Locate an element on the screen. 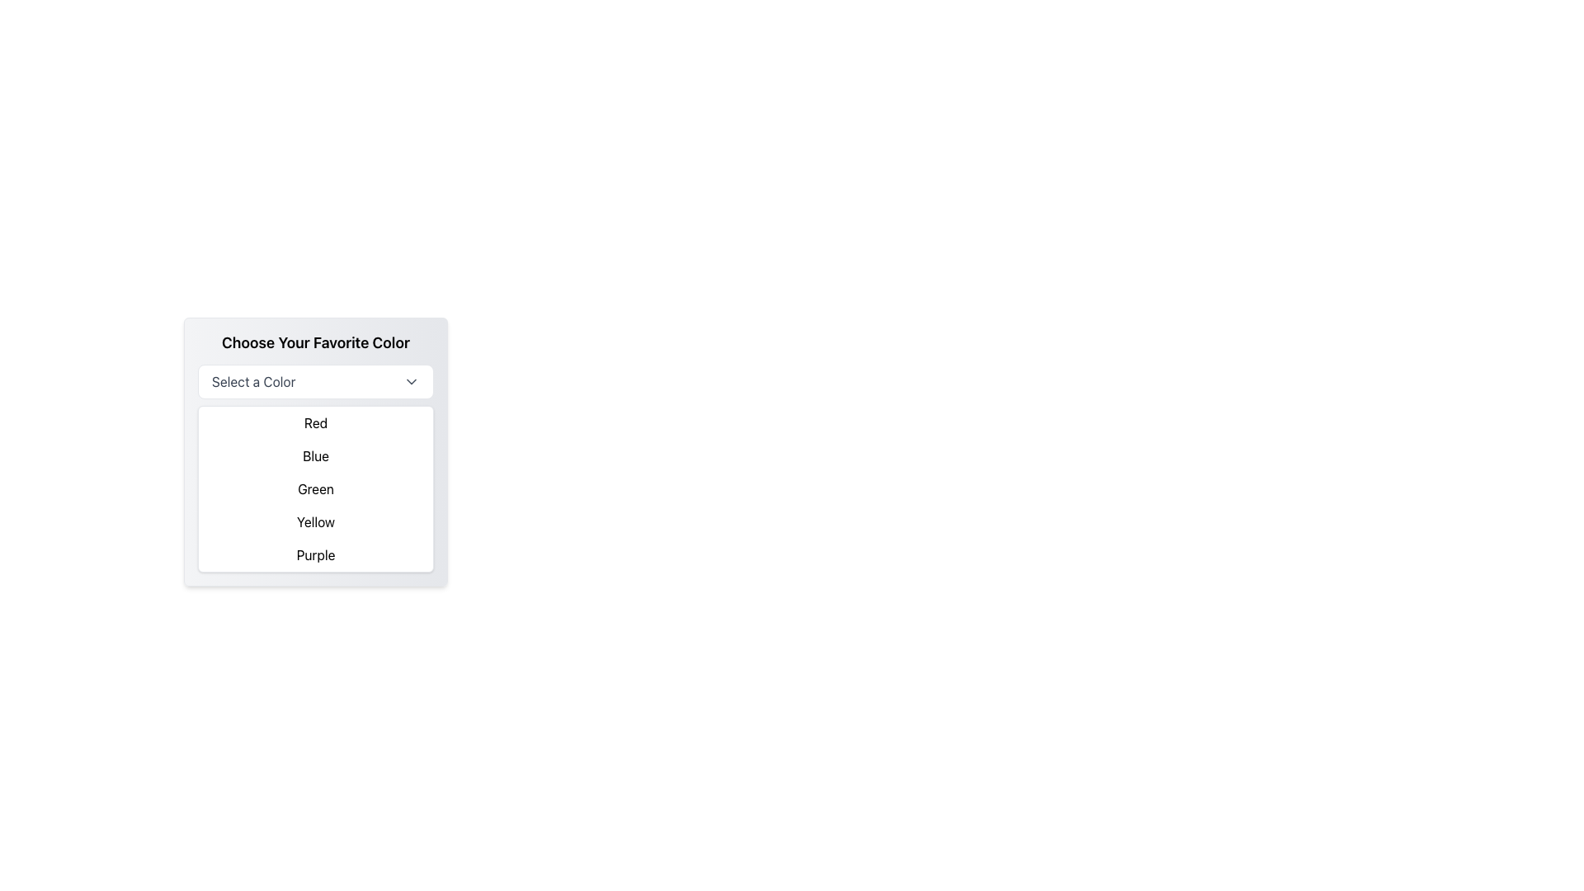  the selectable color option 'Yellow' in the dropdown menu is located at coordinates (316, 521).